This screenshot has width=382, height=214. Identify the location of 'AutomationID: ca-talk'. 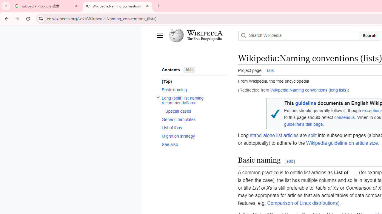
(269, 69).